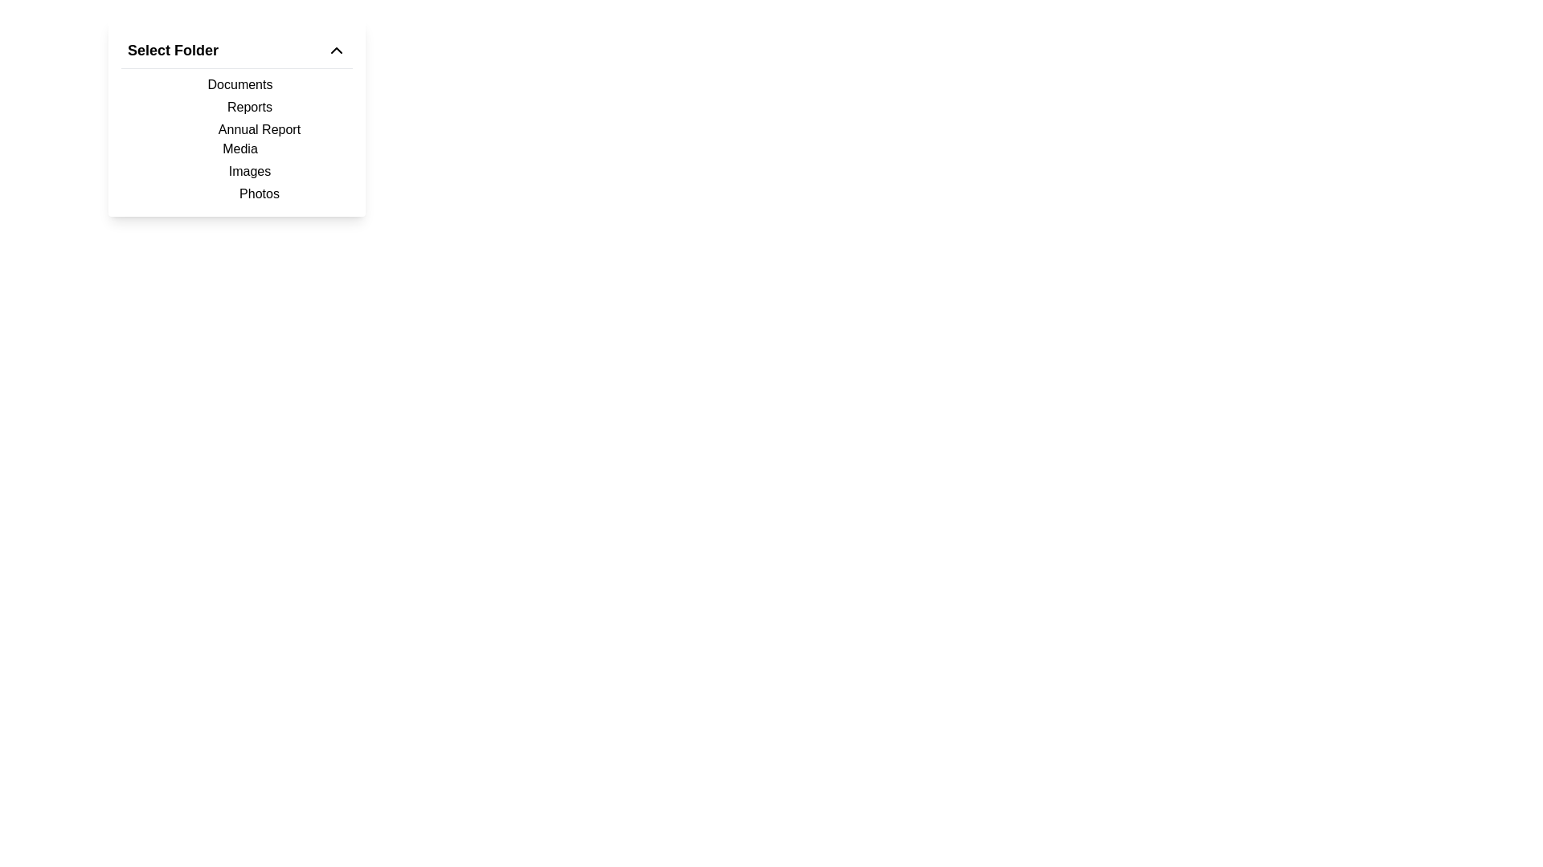 The width and height of the screenshot is (1543, 867). Describe the element at coordinates (335, 49) in the screenshot. I see `the upward-pointing chevron icon located in the header of the 'Select Folder' interface` at that location.